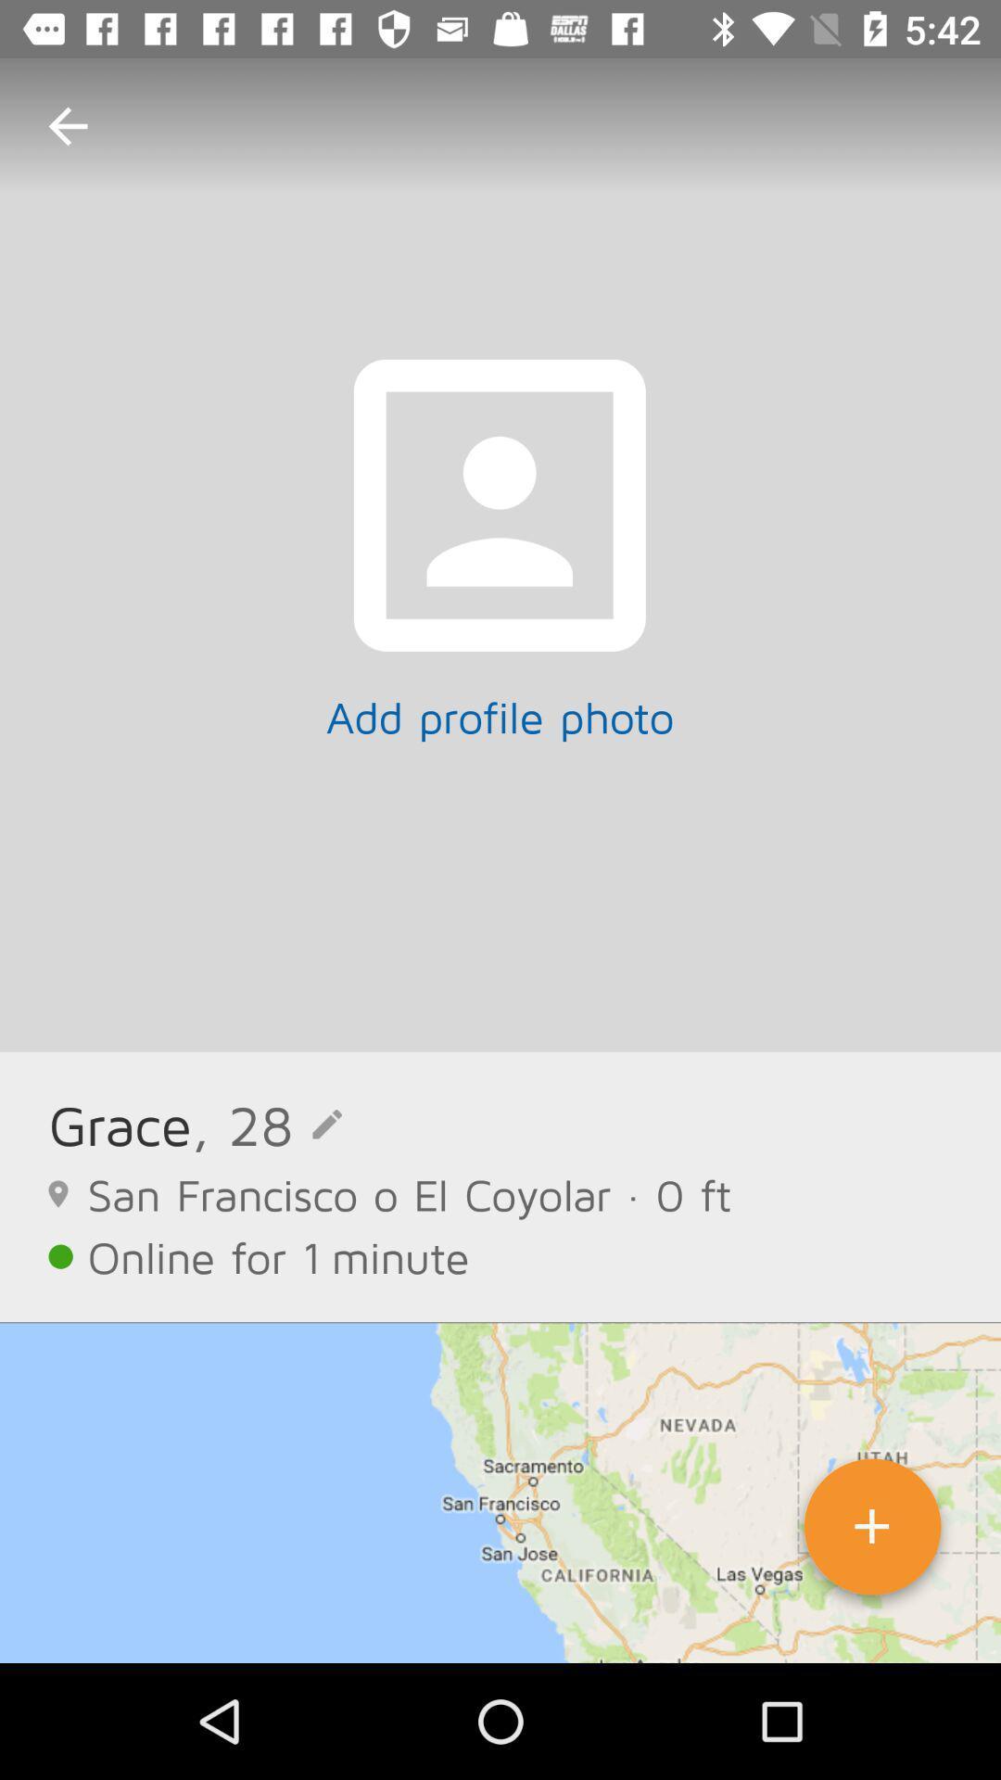 The image size is (1001, 1780). Describe the element at coordinates (120, 1124) in the screenshot. I see `item to the left of , 28` at that location.